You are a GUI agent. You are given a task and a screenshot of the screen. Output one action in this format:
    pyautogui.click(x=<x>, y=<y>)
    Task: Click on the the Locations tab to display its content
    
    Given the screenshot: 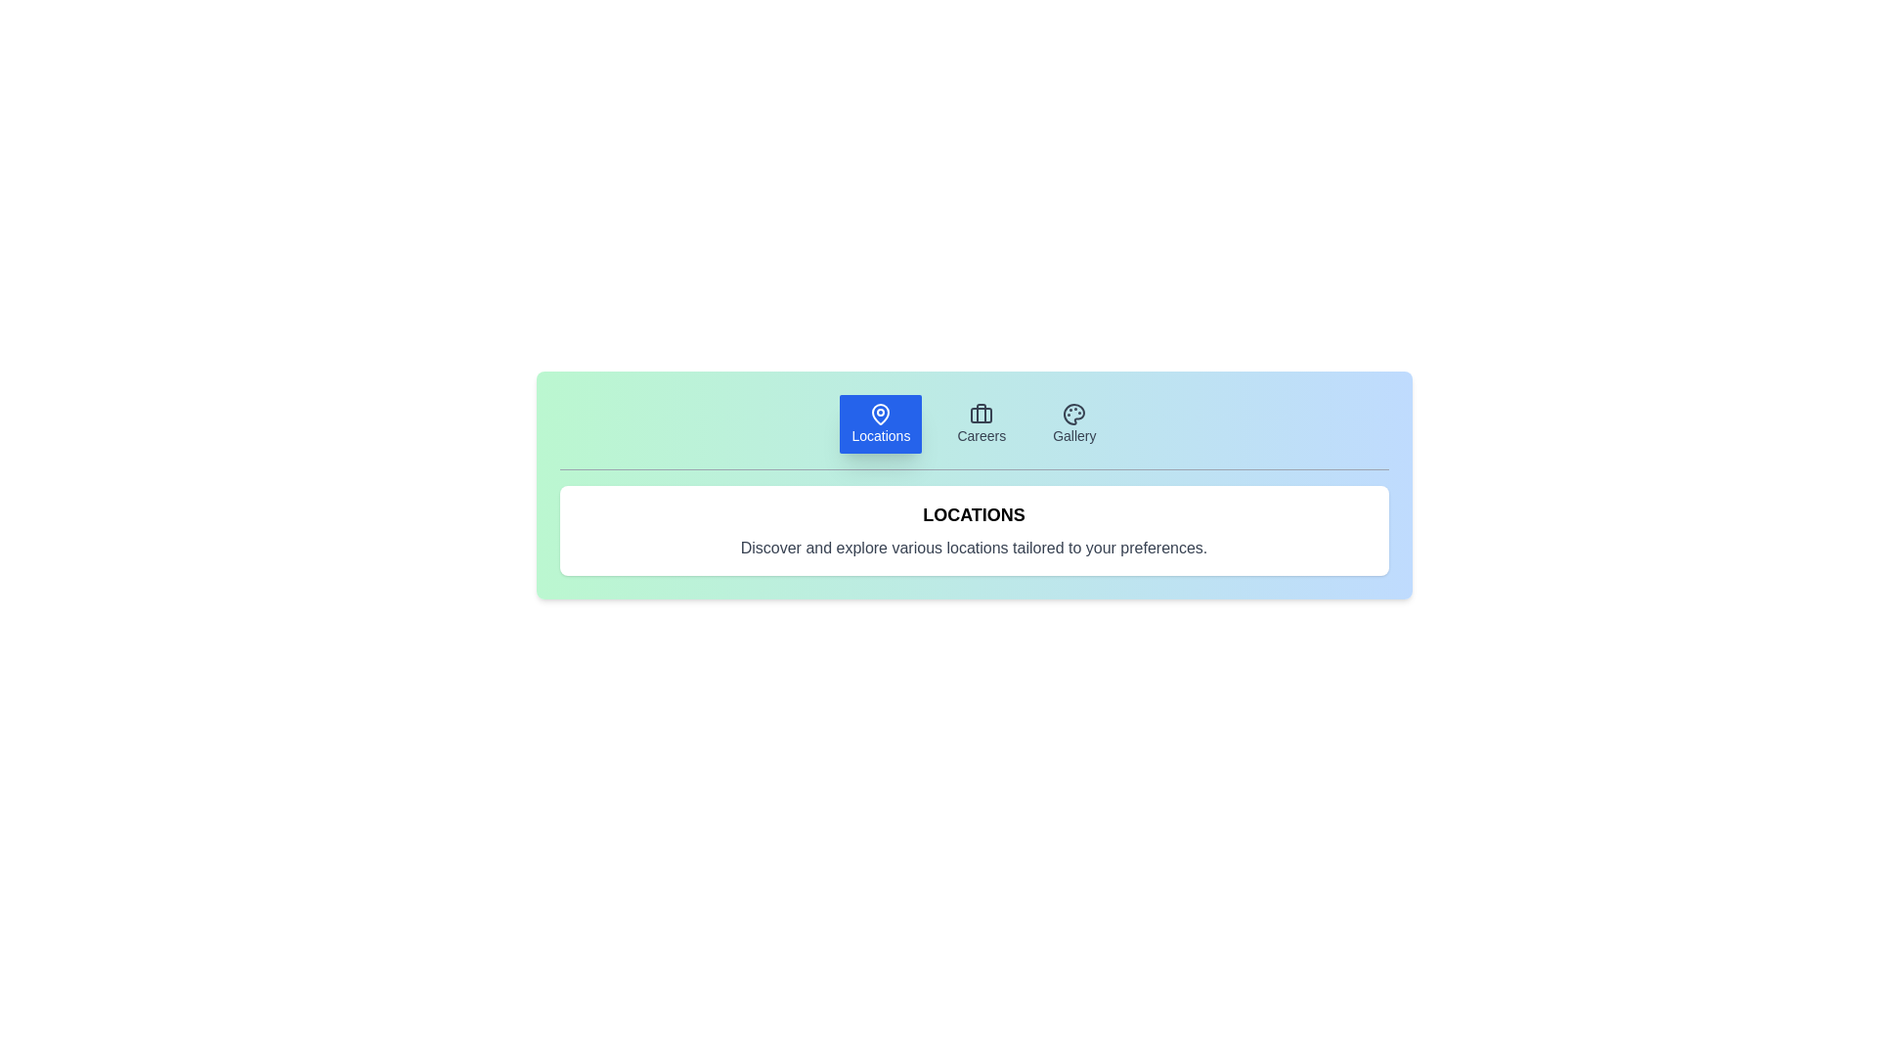 What is the action you would take?
    pyautogui.click(x=880, y=423)
    